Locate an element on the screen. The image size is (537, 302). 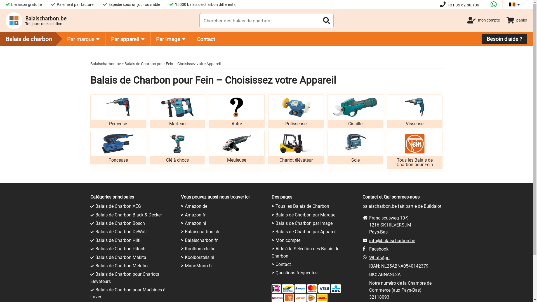
'Balais de Charbon DeWalt' is located at coordinates (95, 232).